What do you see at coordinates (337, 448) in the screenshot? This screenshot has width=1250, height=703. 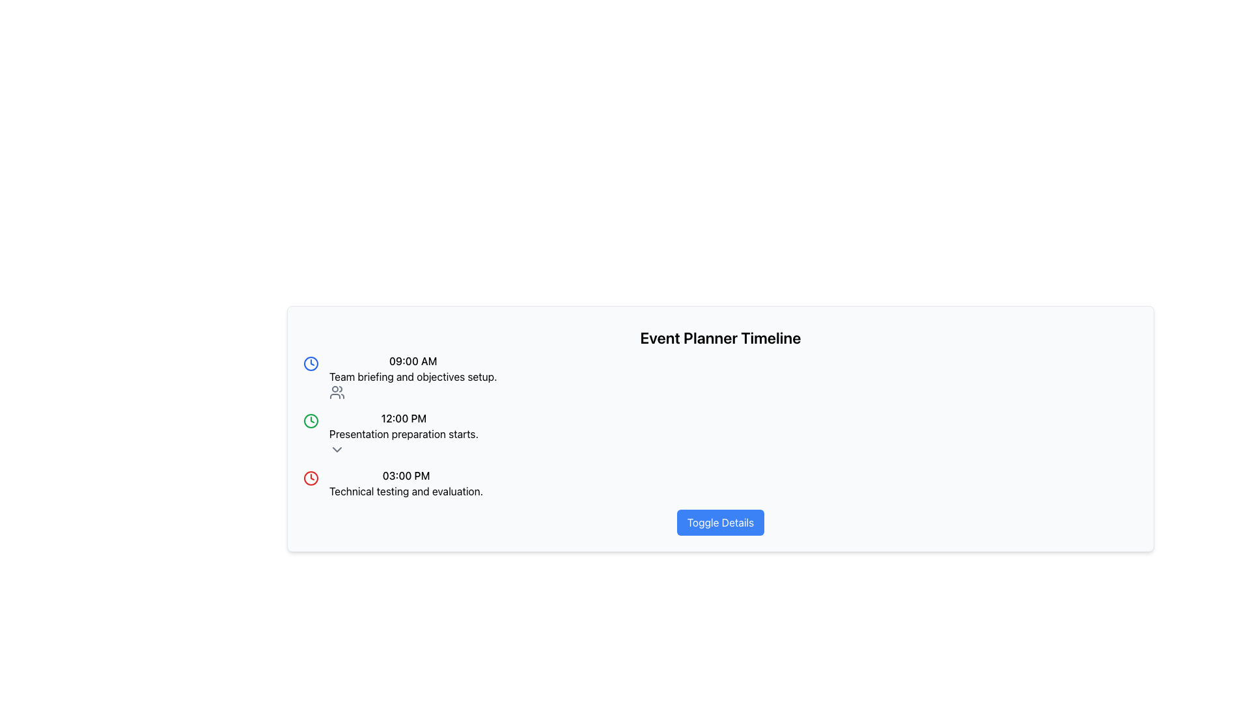 I see `the downward-facing chevron icon with a black outline and light-gray fill, located in the third row of the timeline list under '12:00 PM Presentation preparation starts'` at bounding box center [337, 448].